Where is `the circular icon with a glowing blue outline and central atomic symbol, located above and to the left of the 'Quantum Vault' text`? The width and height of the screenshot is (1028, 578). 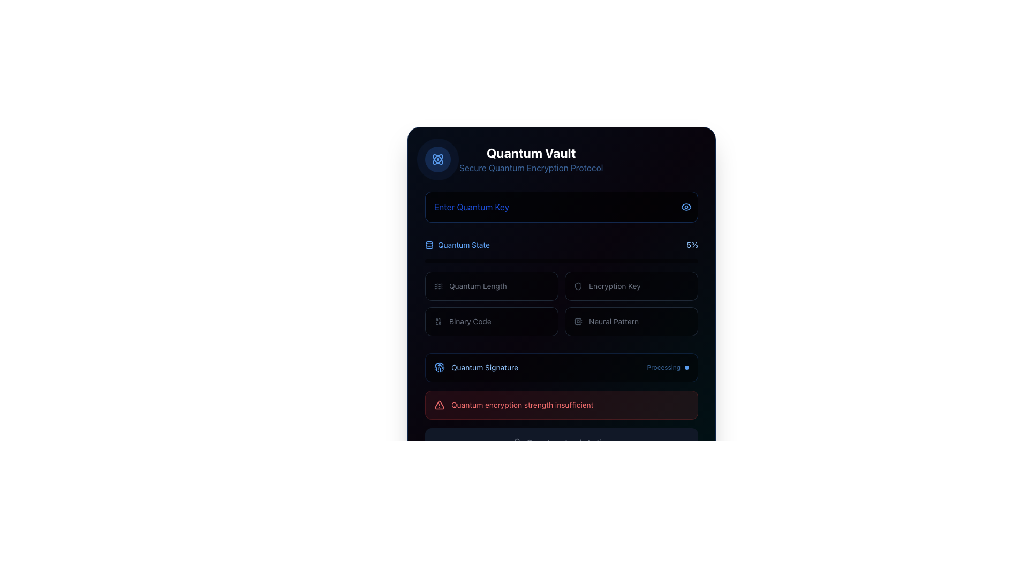
the circular icon with a glowing blue outline and central atomic symbol, located above and to the left of the 'Quantum Vault' text is located at coordinates (437, 159).